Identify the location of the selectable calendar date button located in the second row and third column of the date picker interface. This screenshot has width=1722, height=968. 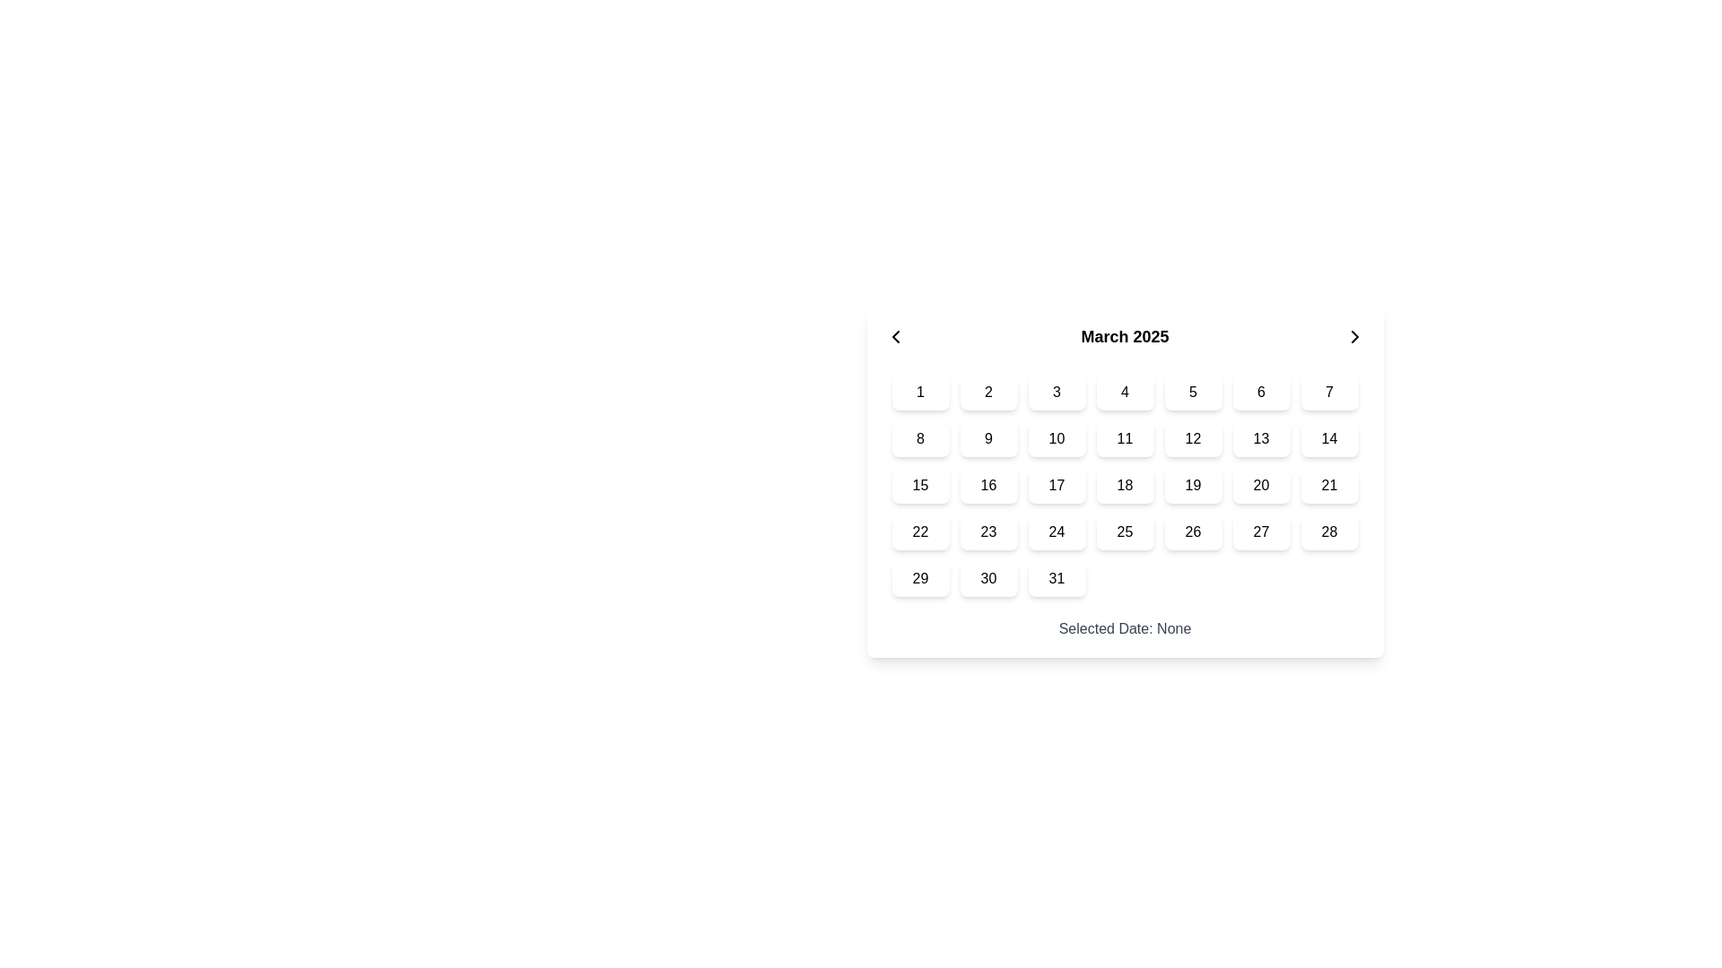
(1057, 438).